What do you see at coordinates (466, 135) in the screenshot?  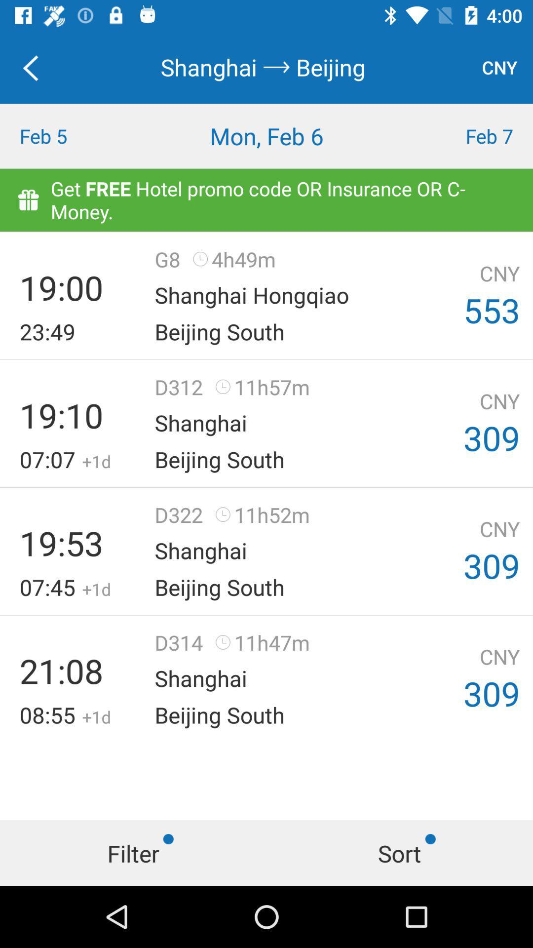 I see `item next to the mon, feb 6 icon` at bounding box center [466, 135].